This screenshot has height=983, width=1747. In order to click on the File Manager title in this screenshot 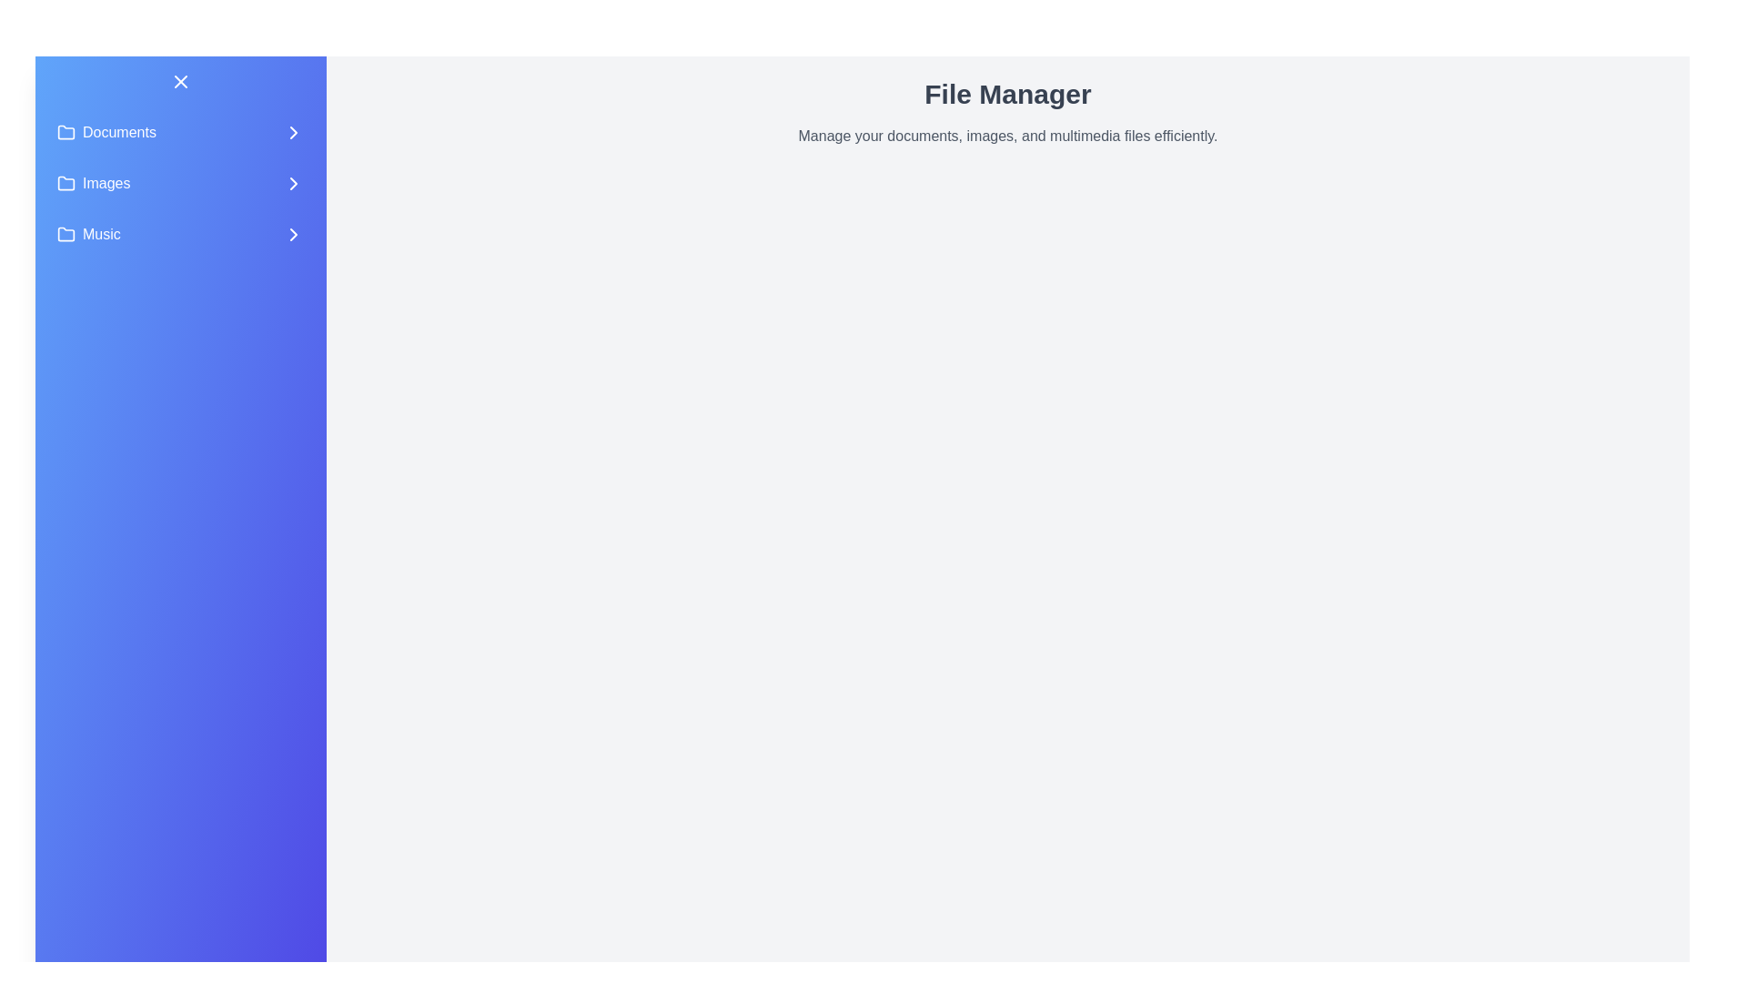, I will do `click(1007, 95)`.